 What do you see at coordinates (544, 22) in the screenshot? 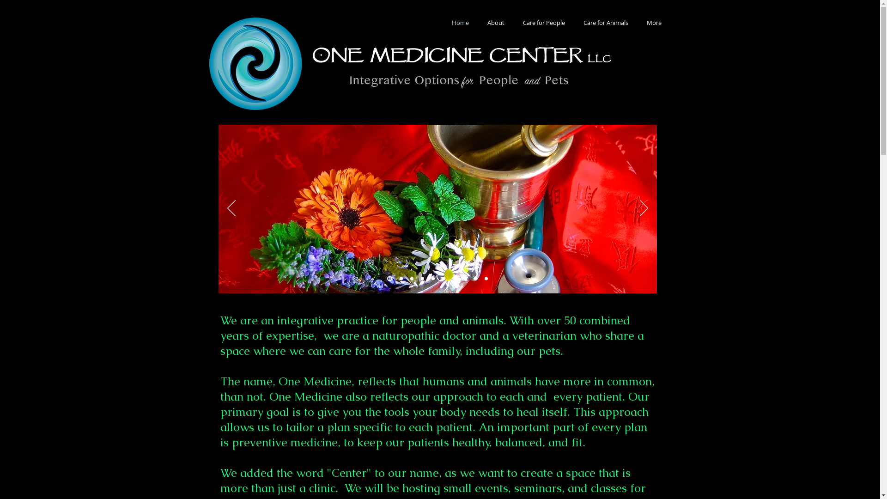
I see `'Care for People'` at bounding box center [544, 22].